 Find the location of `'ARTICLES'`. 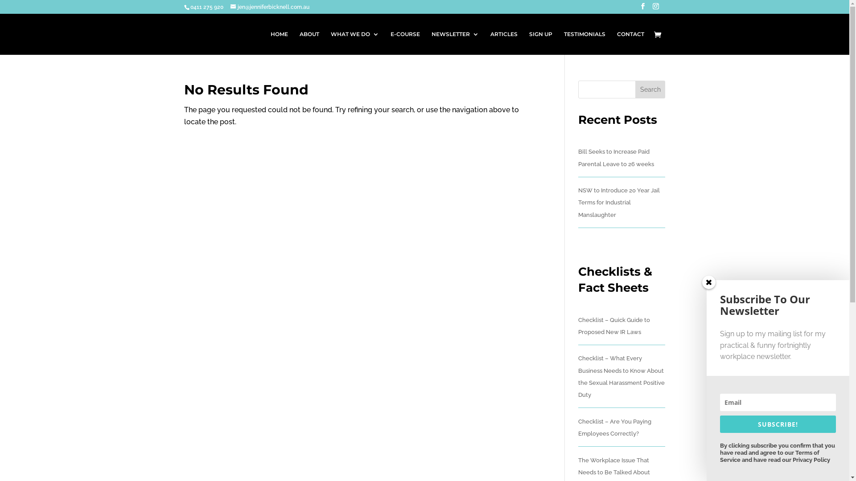

'ARTICLES' is located at coordinates (504, 43).